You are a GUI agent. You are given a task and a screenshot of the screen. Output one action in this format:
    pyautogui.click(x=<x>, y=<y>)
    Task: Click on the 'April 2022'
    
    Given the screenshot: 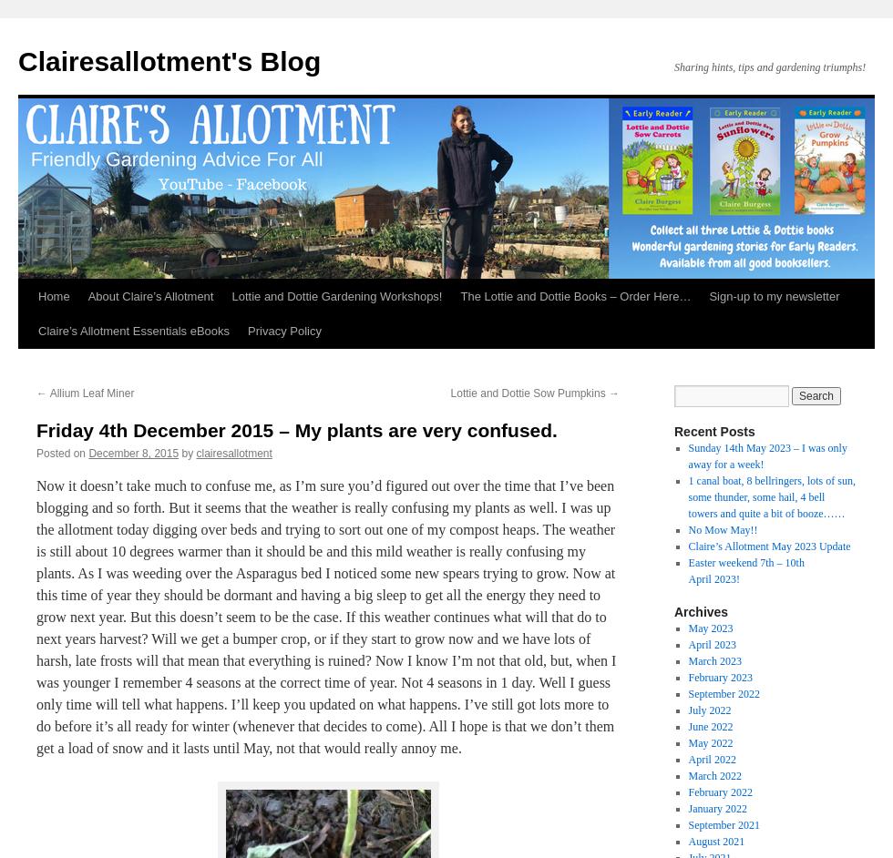 What is the action you would take?
    pyautogui.click(x=711, y=759)
    